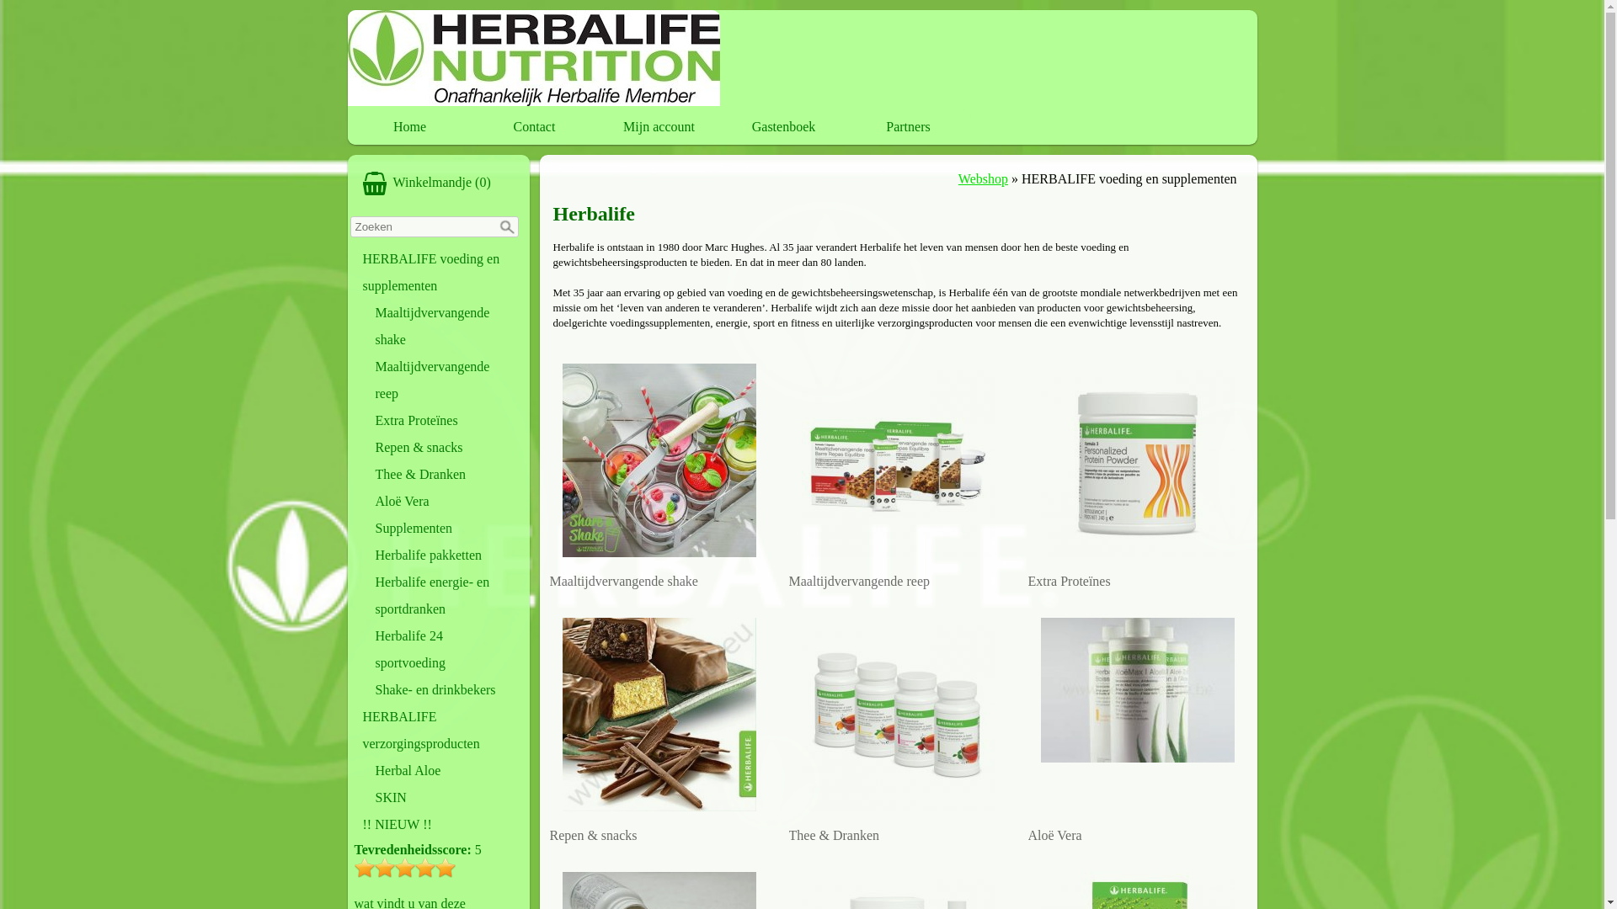 This screenshot has width=1617, height=909. I want to click on 'SKIN', so click(361, 797).